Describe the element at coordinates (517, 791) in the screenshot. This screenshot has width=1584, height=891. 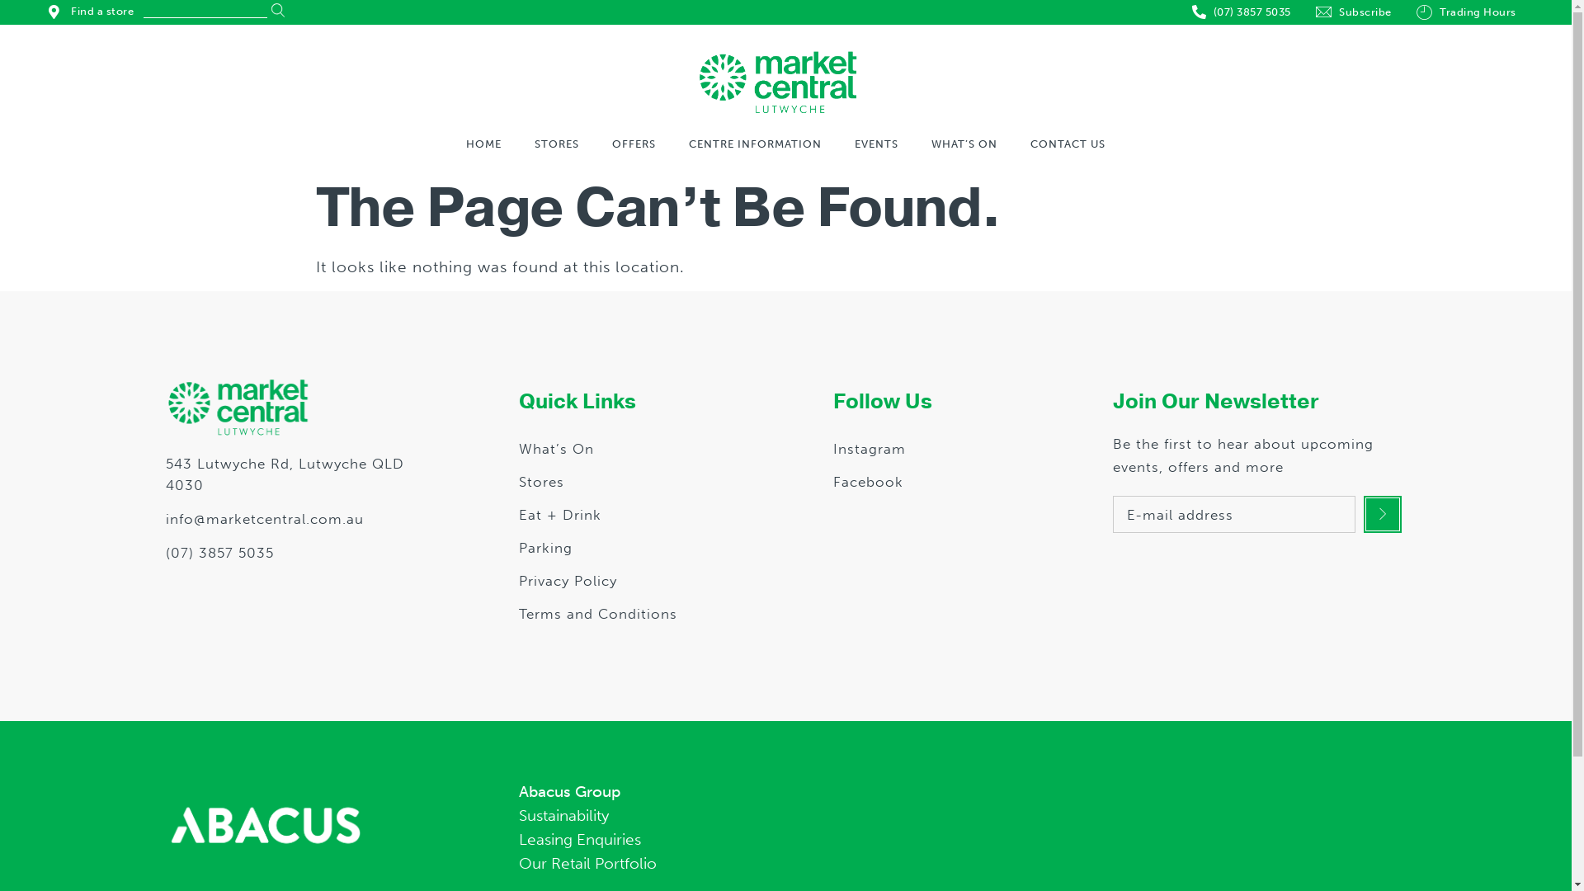
I see `'Abacus Group'` at that location.